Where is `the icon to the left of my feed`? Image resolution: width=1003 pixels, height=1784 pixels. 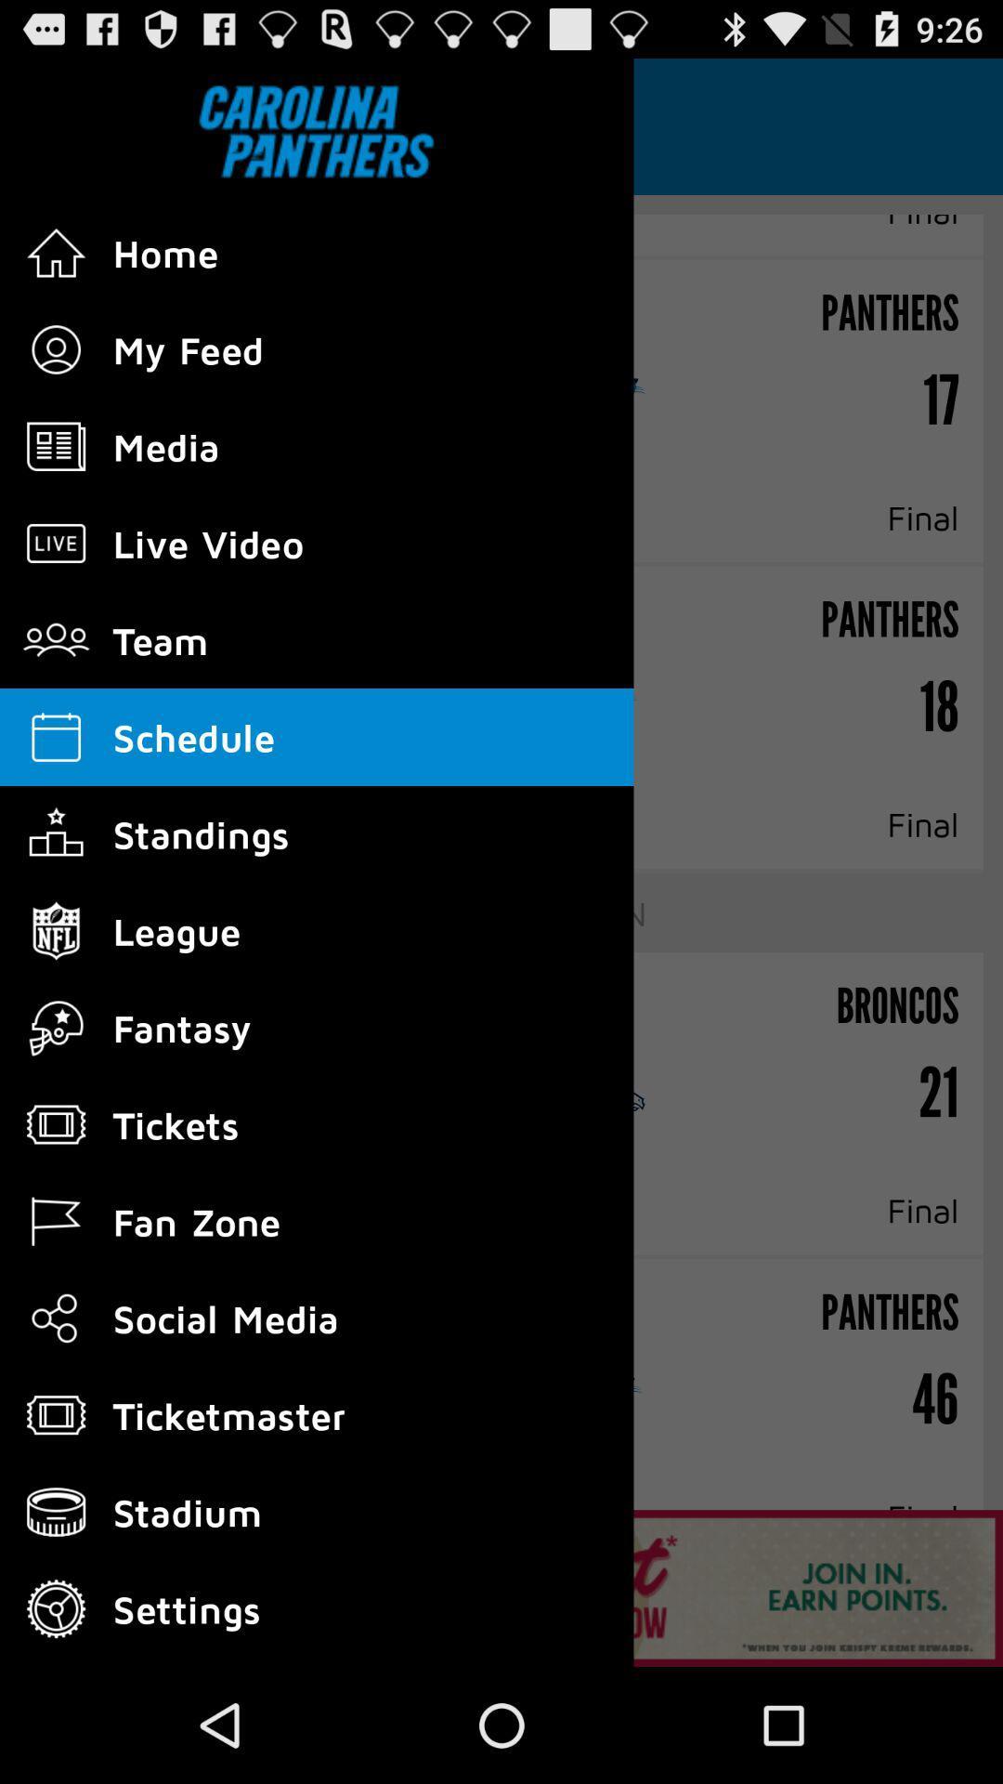 the icon to the left of my feed is located at coordinates (56, 350).